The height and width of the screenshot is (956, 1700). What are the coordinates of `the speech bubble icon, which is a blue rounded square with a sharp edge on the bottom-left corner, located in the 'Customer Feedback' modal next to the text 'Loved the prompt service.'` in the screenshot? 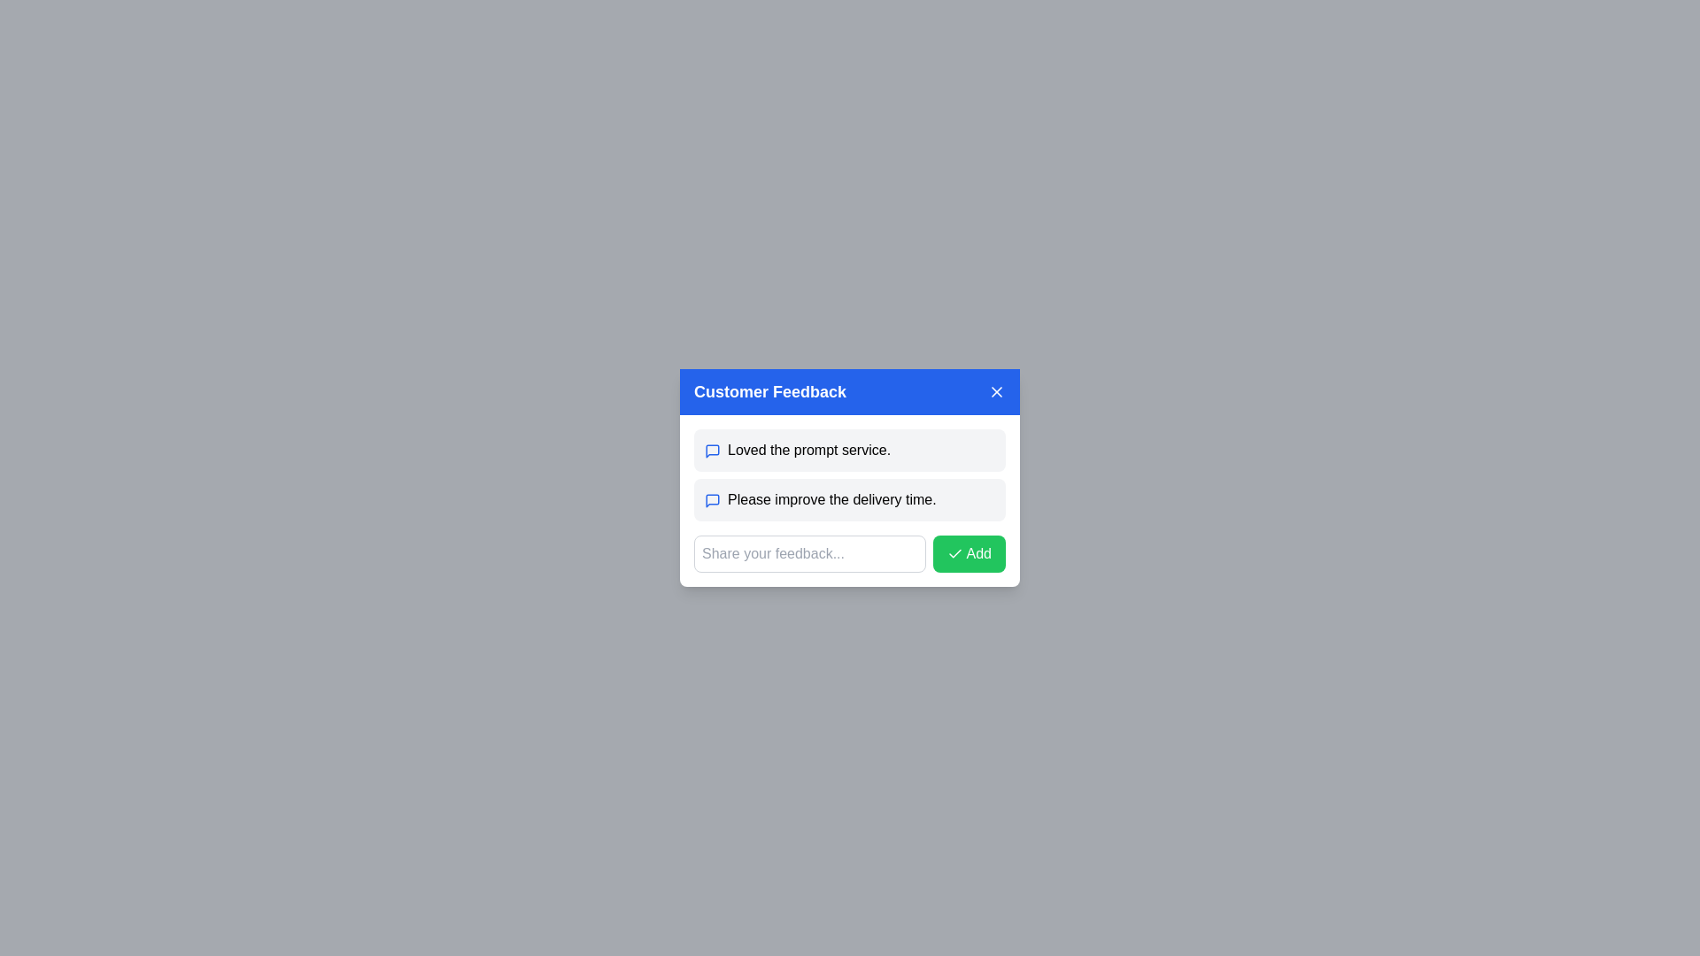 It's located at (713, 501).